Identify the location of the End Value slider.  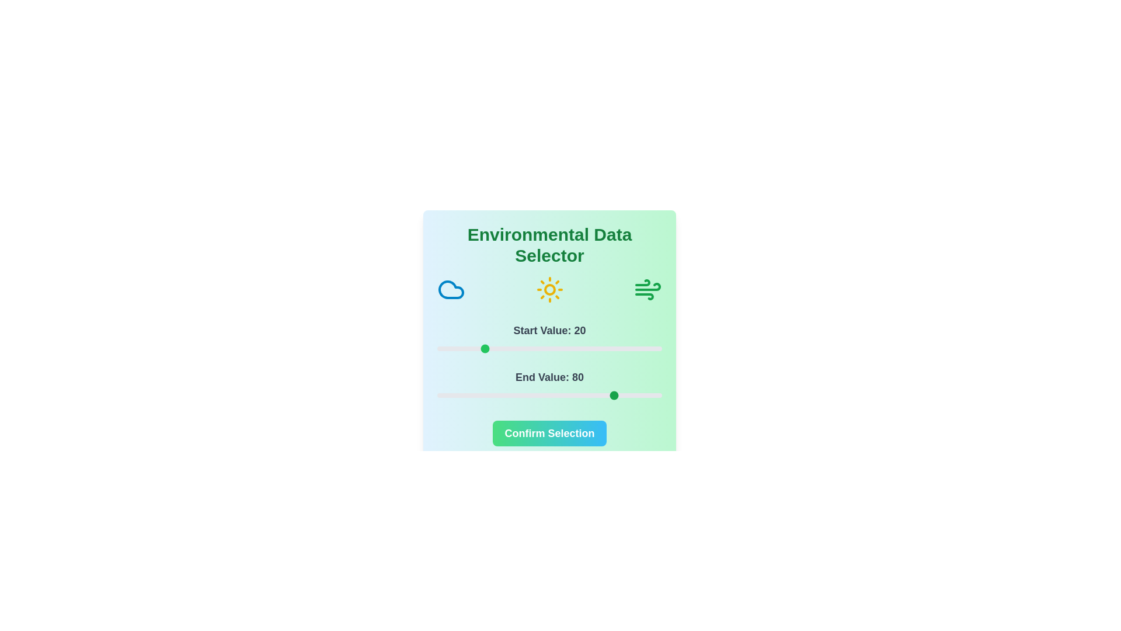
(646, 395).